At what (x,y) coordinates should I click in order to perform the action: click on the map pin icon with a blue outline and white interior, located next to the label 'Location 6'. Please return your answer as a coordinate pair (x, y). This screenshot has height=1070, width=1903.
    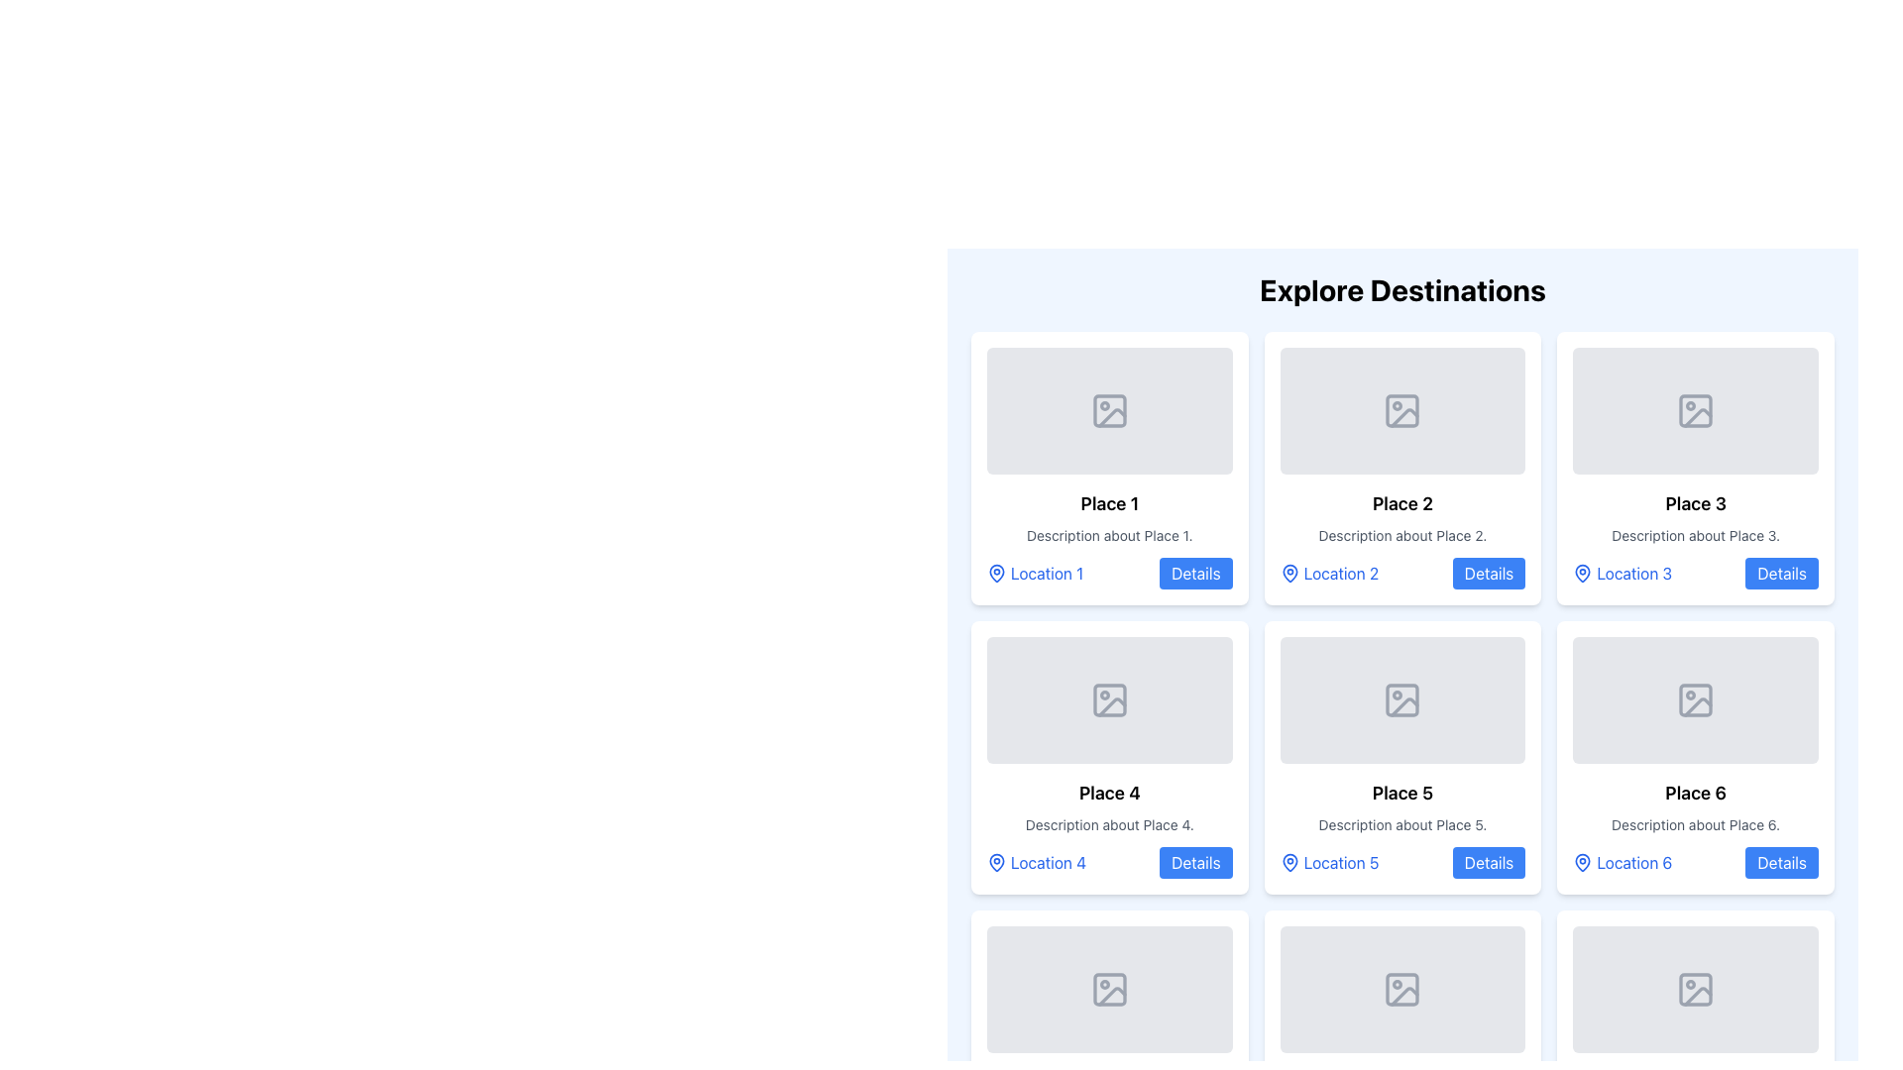
    Looking at the image, I should click on (1582, 862).